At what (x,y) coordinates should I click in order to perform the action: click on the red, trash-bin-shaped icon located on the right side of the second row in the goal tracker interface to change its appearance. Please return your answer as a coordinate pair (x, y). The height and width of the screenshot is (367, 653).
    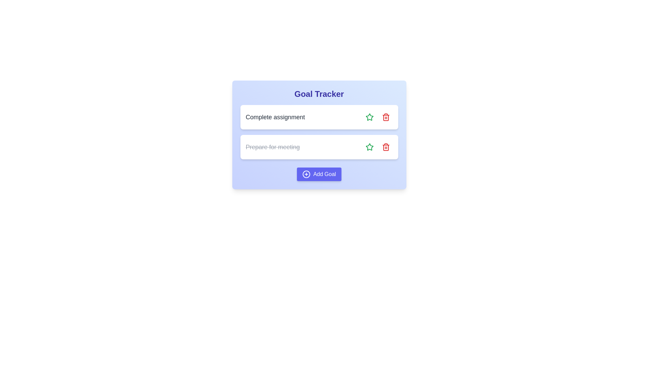
    Looking at the image, I should click on (386, 146).